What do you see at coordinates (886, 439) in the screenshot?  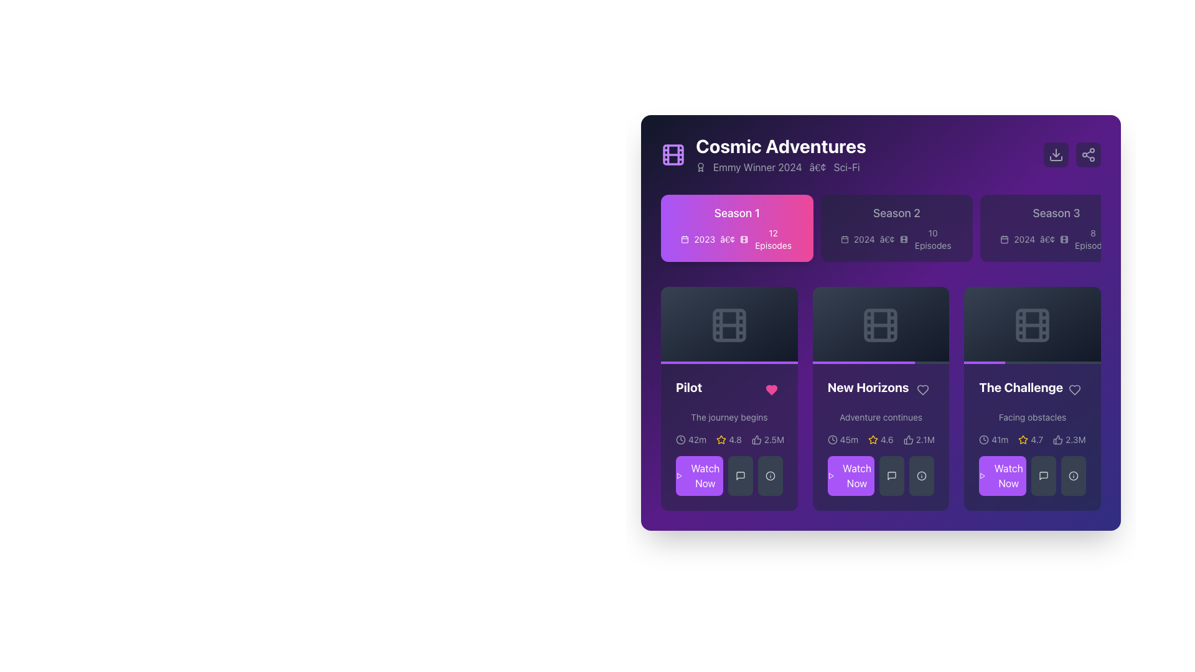 I see `the static text display indicating the rating or score in the 'New Horizons' card, located below the title and near the bottom center, adjacent to the star icon` at bounding box center [886, 439].